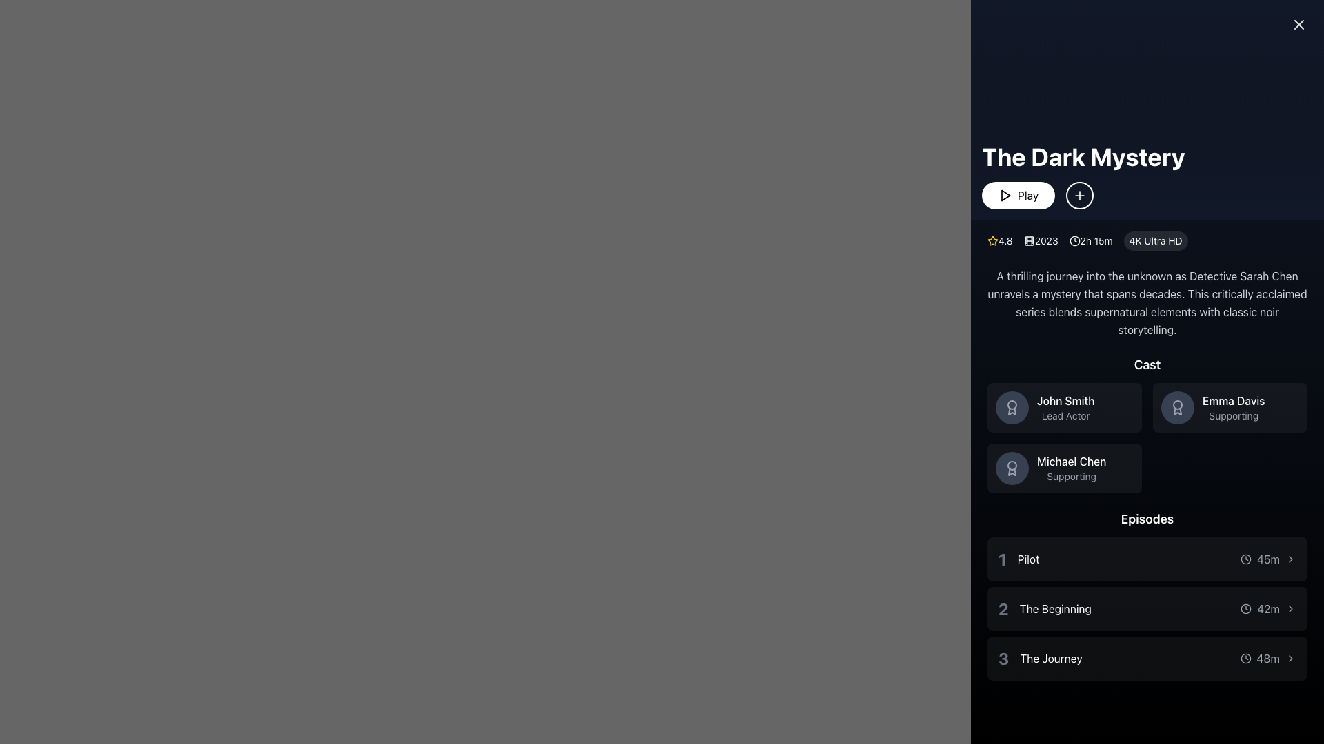 The width and height of the screenshot is (1324, 744). I want to click on the part of the 'X' icon located in the top-right corner of the interface, so click(1298, 24).